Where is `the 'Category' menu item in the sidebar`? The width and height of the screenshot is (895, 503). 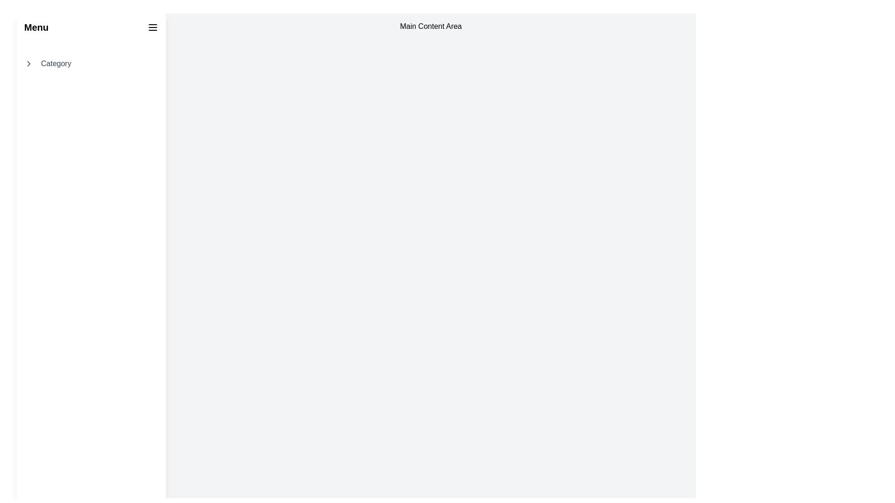
the 'Category' menu item in the sidebar is located at coordinates (91, 63).